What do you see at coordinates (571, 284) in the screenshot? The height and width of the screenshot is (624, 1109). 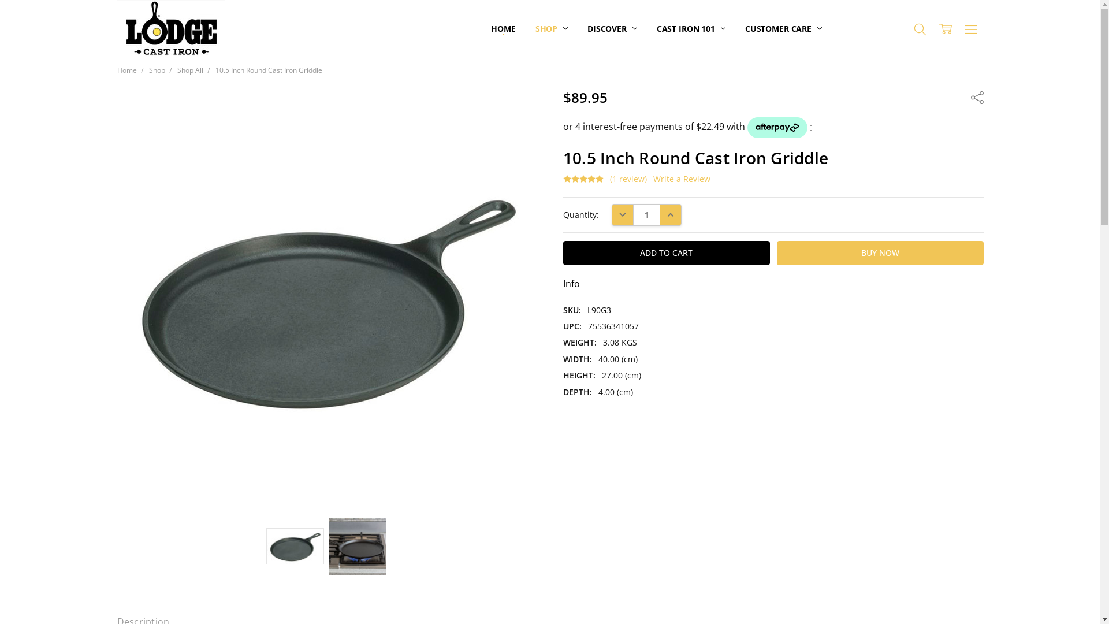 I see `'Info'` at bounding box center [571, 284].